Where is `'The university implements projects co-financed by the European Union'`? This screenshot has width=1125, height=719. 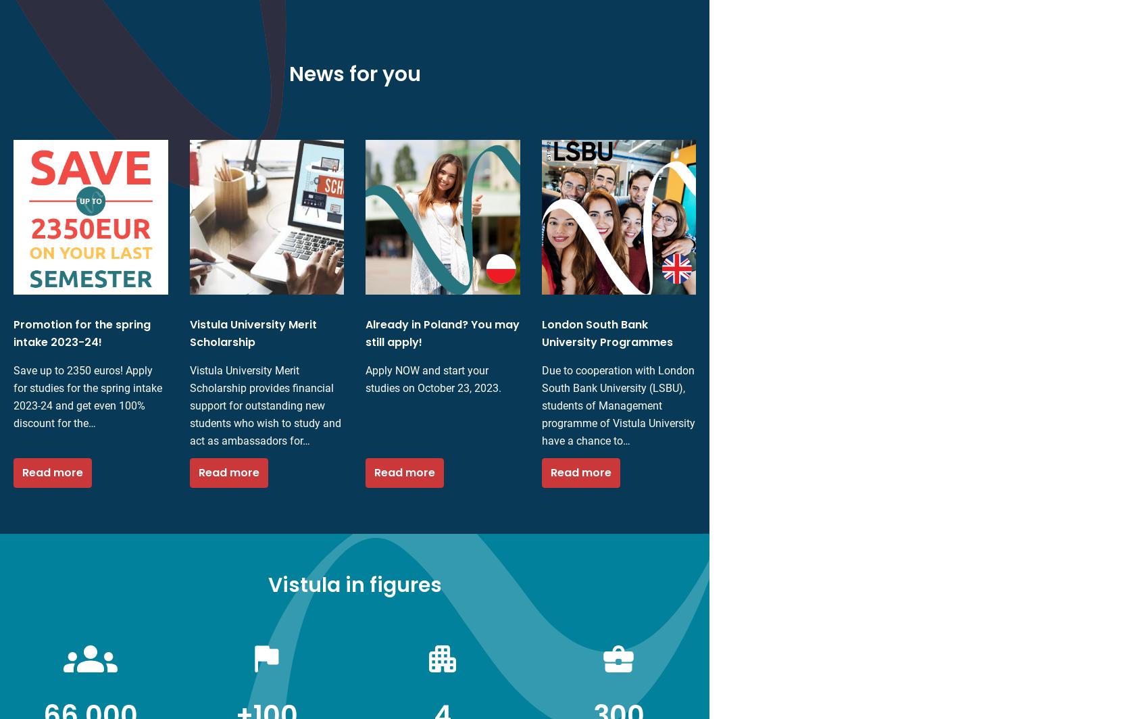 'The university implements projects co-financed by the European Union' is located at coordinates (12, 420).